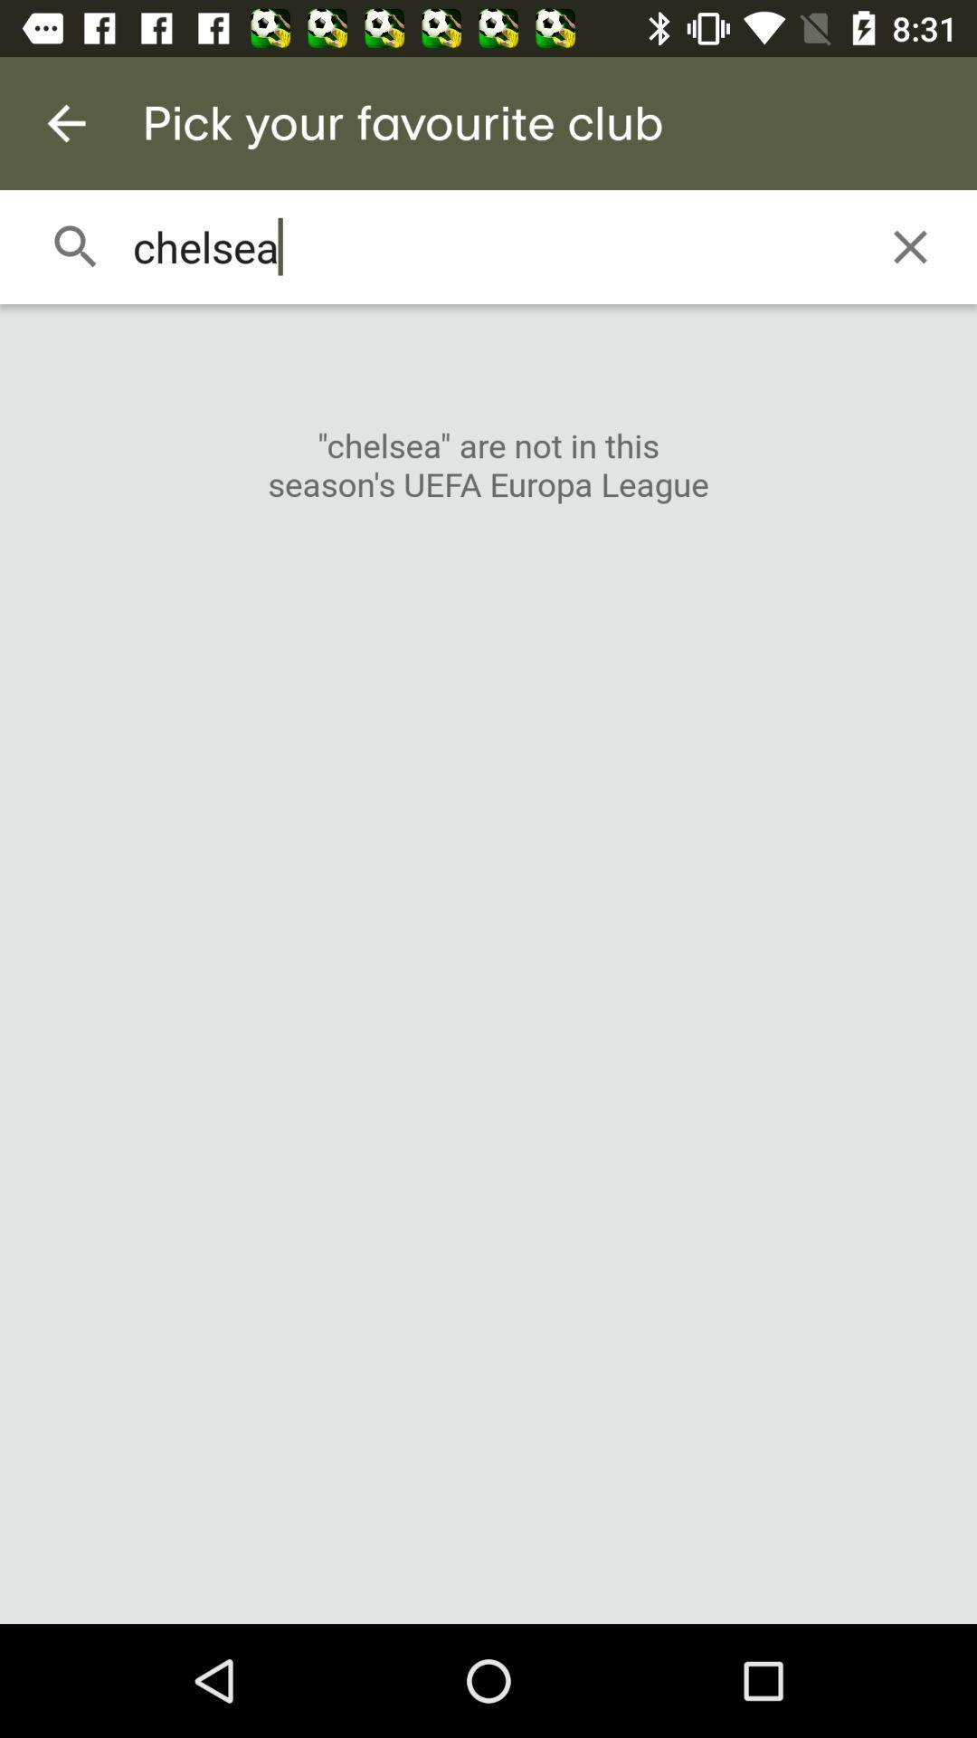  What do you see at coordinates (65, 122) in the screenshot?
I see `item next to the pick your favourite item` at bounding box center [65, 122].